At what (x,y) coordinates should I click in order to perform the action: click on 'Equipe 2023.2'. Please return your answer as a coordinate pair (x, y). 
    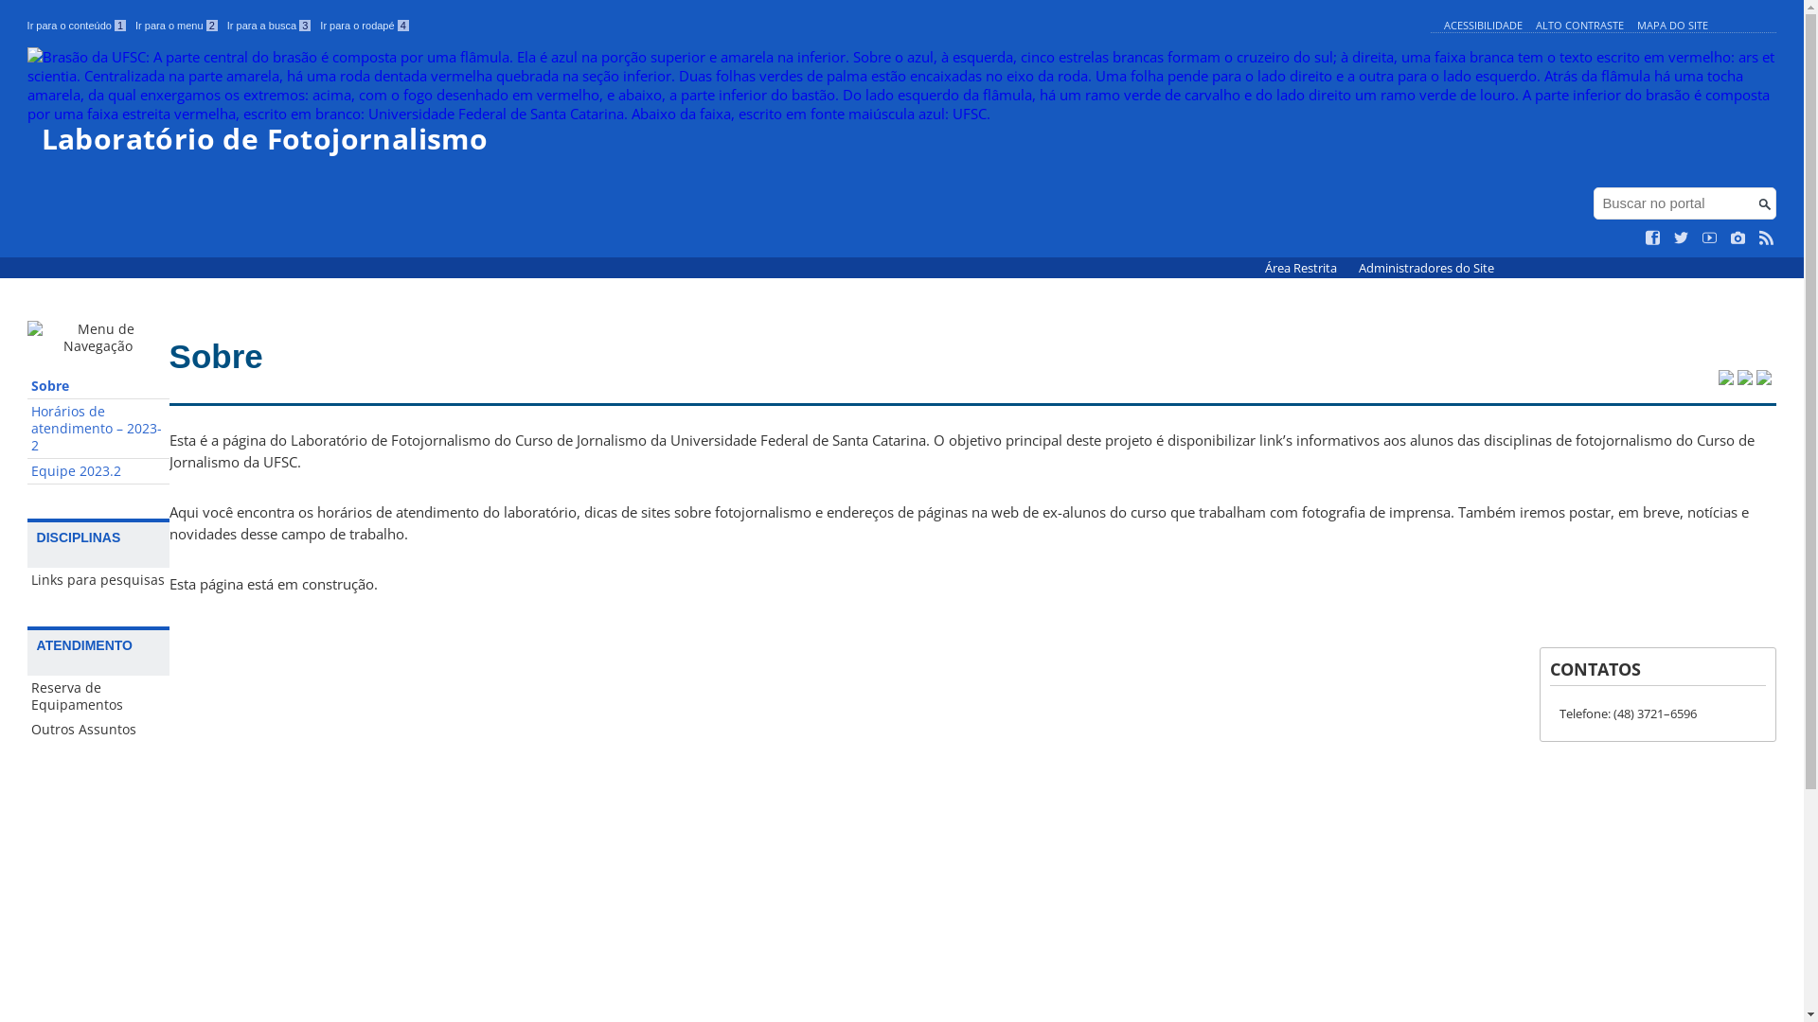
    Looking at the image, I should click on (98, 470).